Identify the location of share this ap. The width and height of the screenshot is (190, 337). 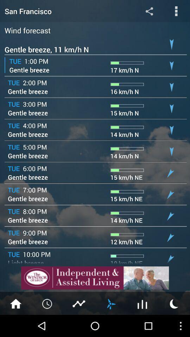
(149, 11).